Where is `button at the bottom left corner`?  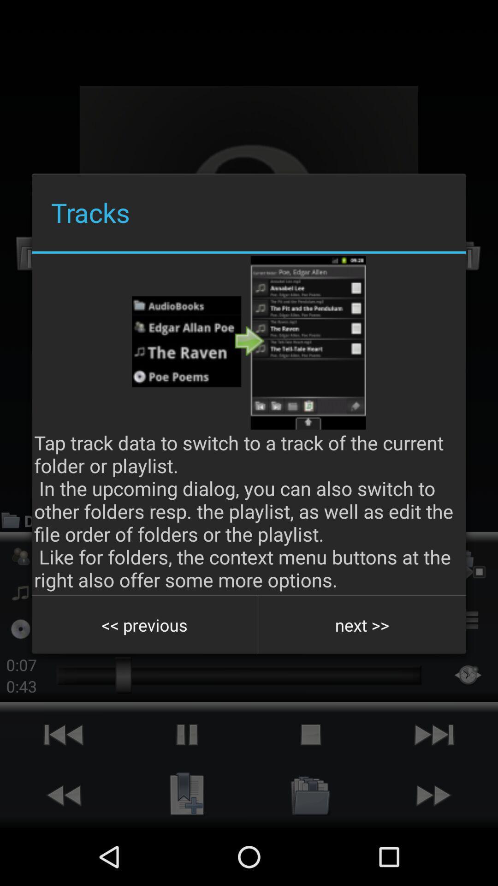
button at the bottom left corner is located at coordinates (144, 625).